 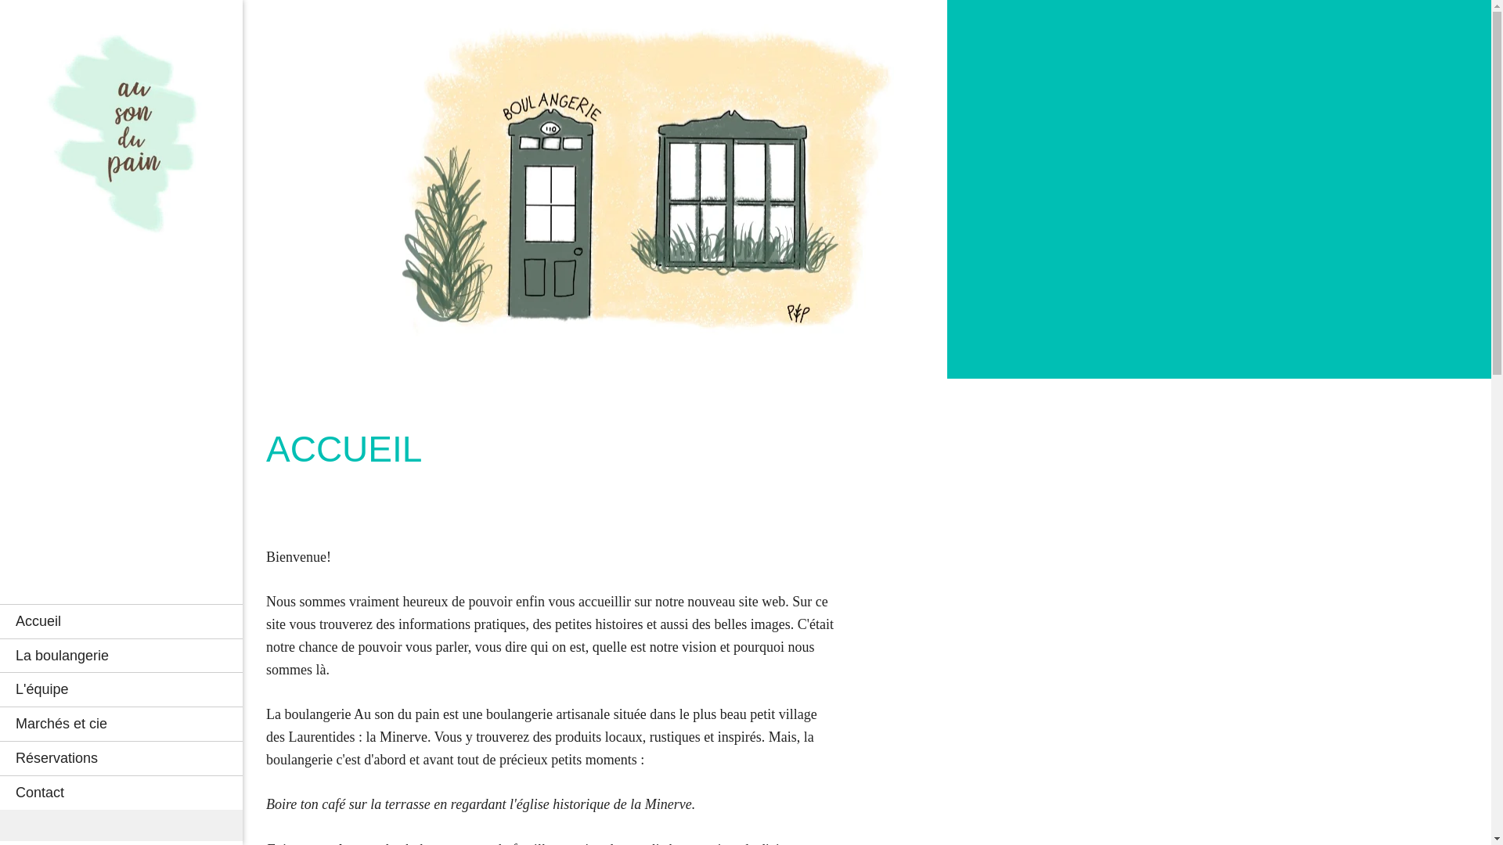 What do you see at coordinates (120, 620) in the screenshot?
I see `'Accueil'` at bounding box center [120, 620].